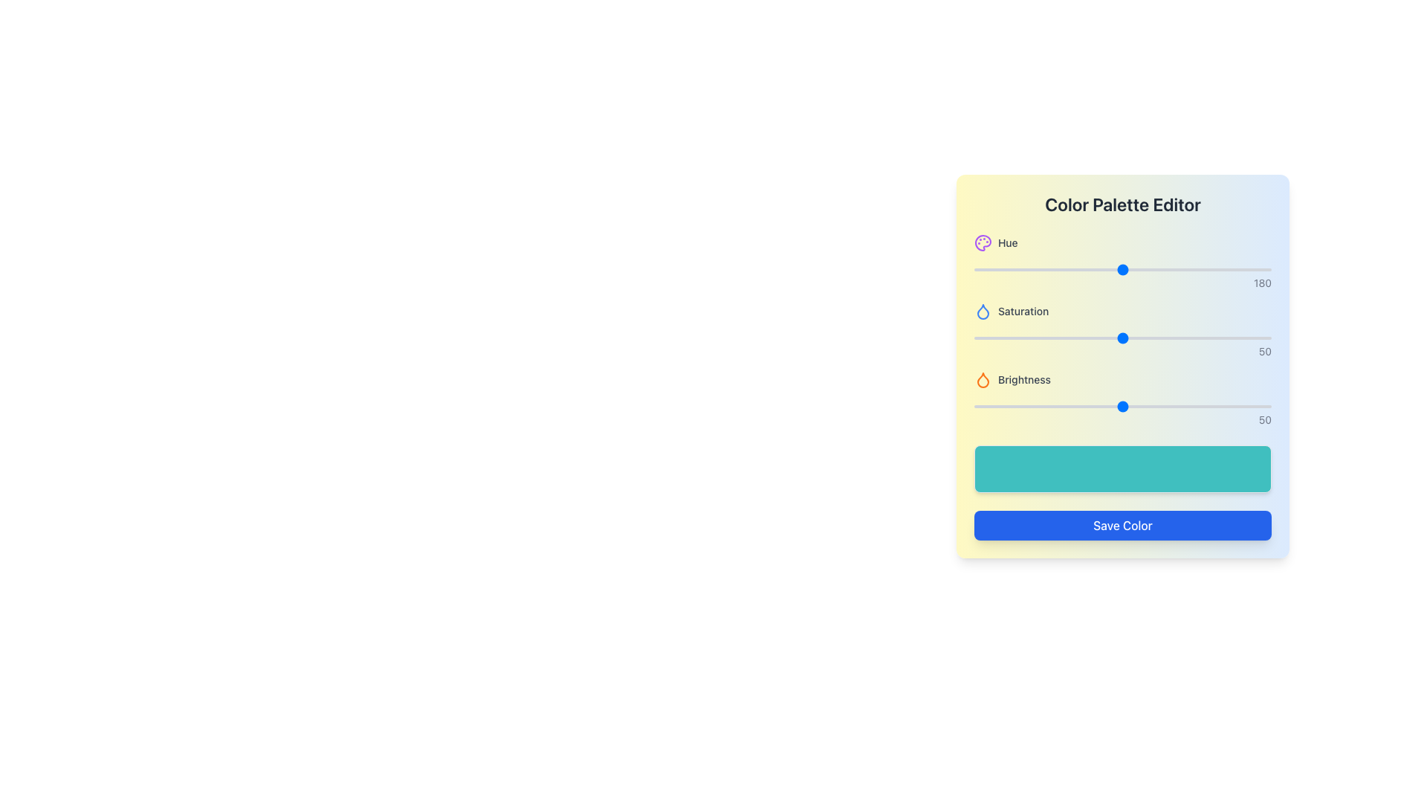  Describe the element at coordinates (1132, 269) in the screenshot. I see `the hue value` at that location.